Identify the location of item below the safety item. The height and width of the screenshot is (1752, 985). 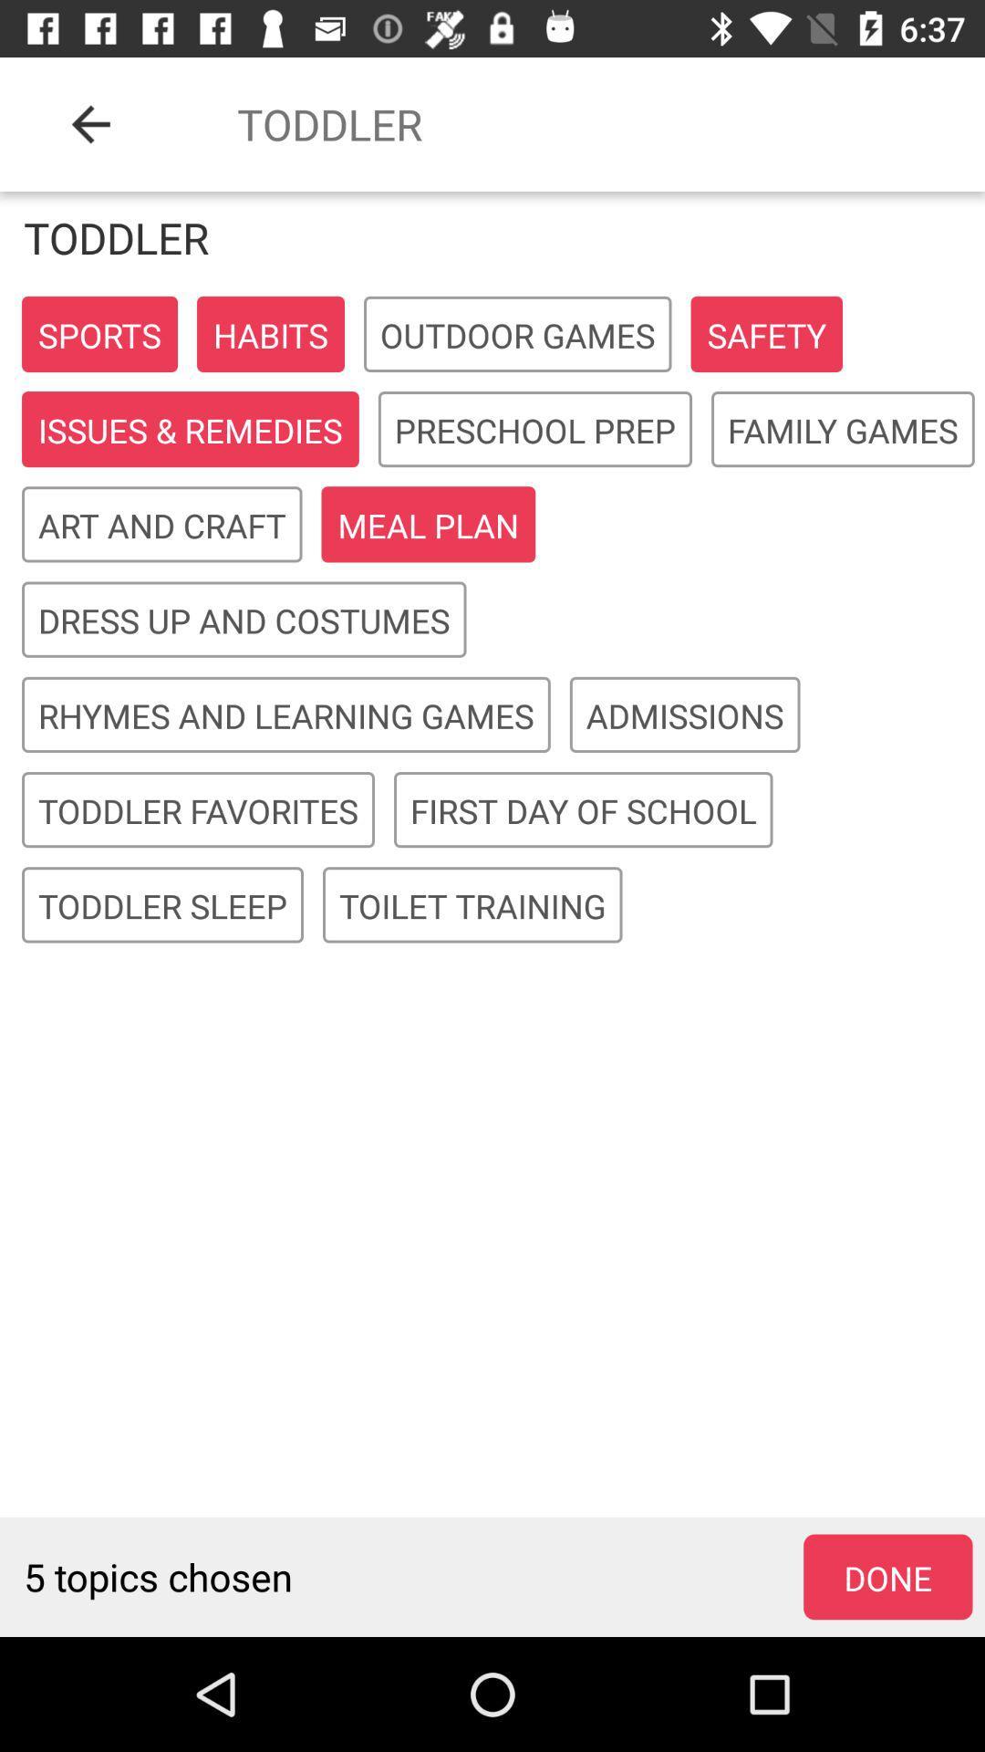
(843, 429).